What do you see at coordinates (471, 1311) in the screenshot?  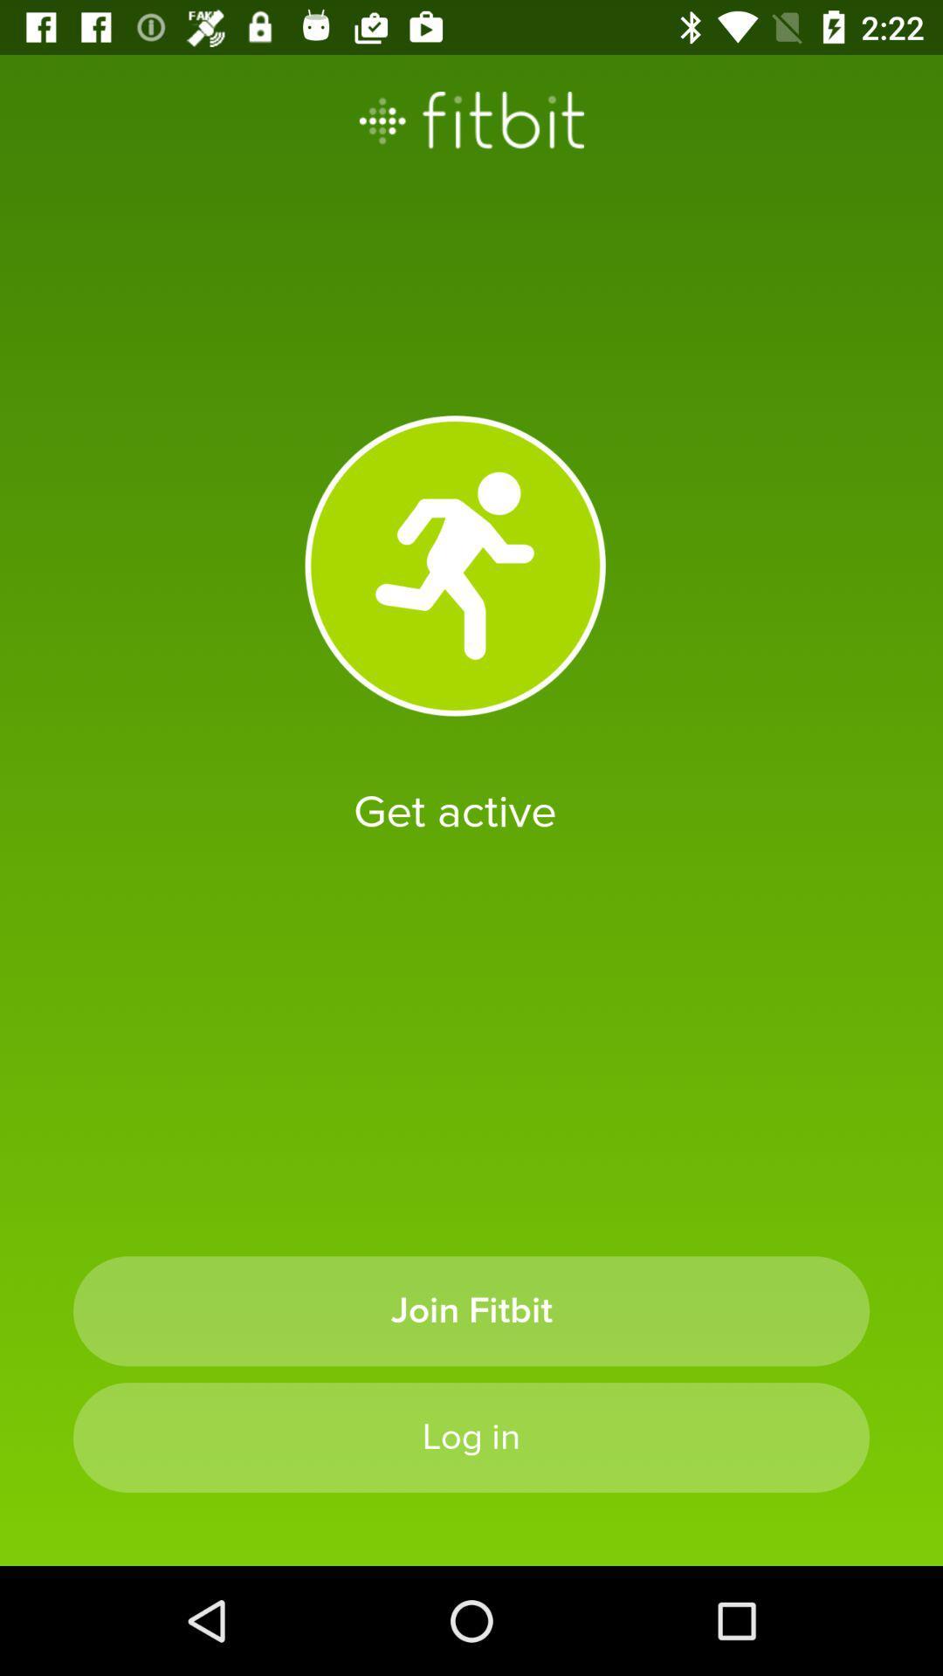 I see `join fitbit` at bounding box center [471, 1311].